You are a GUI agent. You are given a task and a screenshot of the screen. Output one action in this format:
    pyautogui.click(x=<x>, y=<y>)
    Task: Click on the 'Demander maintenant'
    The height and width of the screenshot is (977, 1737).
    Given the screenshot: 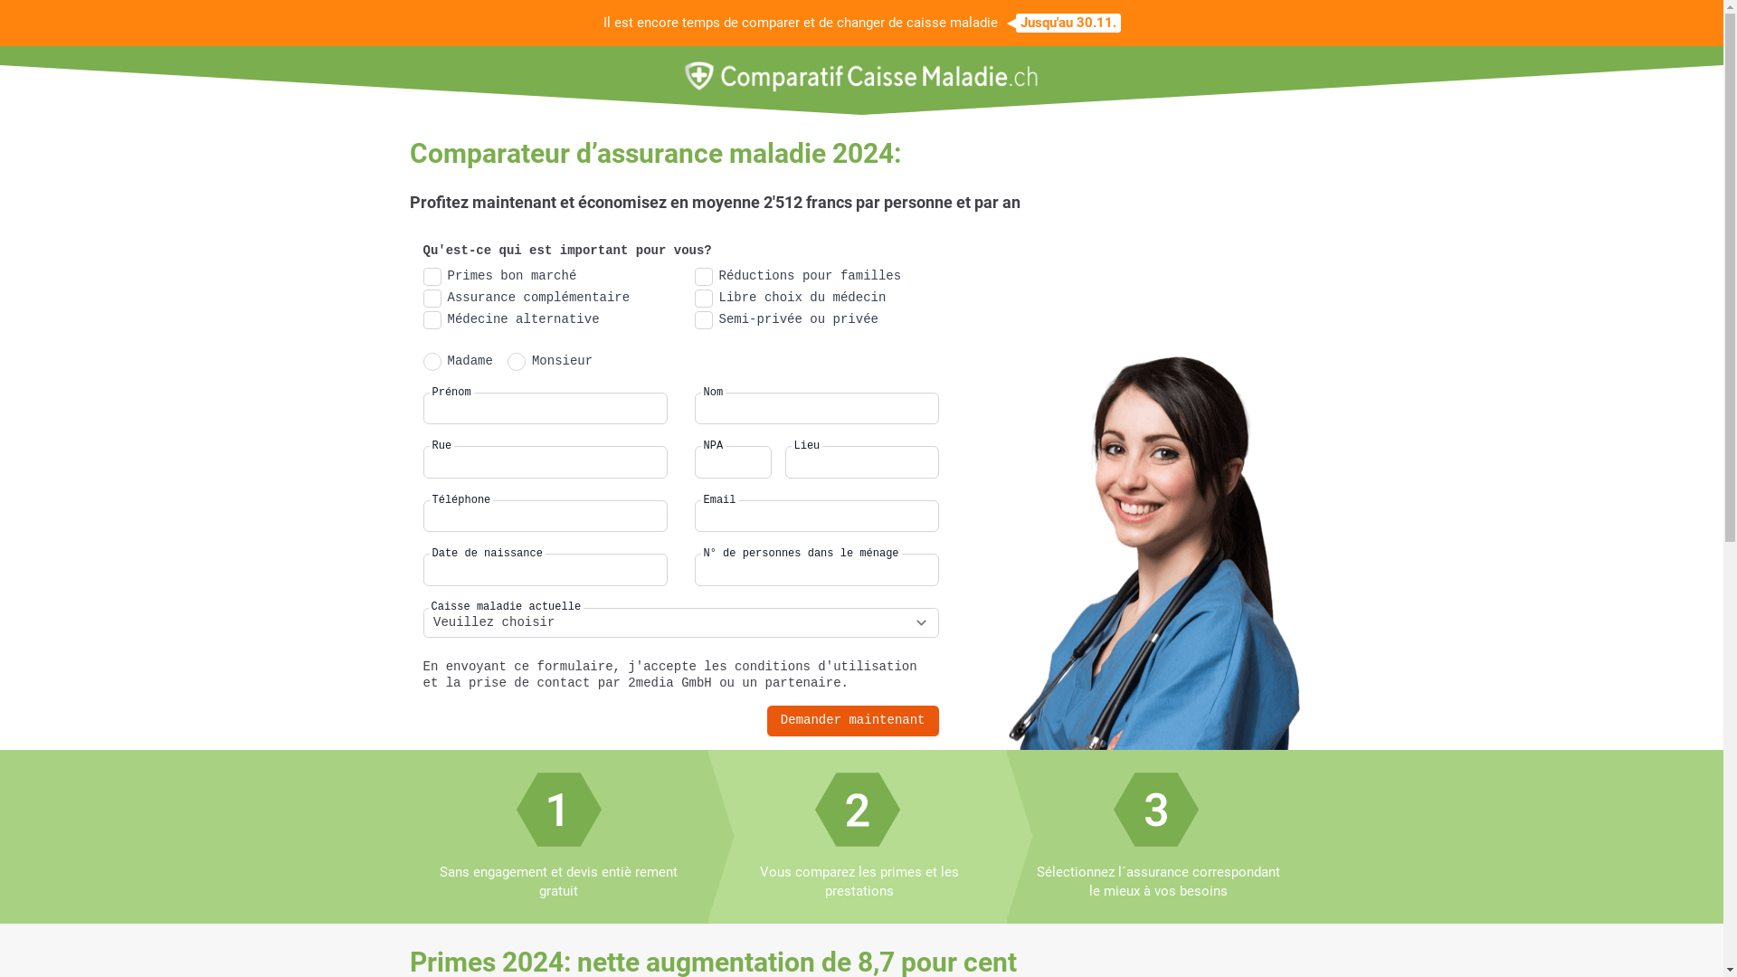 What is the action you would take?
    pyautogui.click(x=851, y=720)
    